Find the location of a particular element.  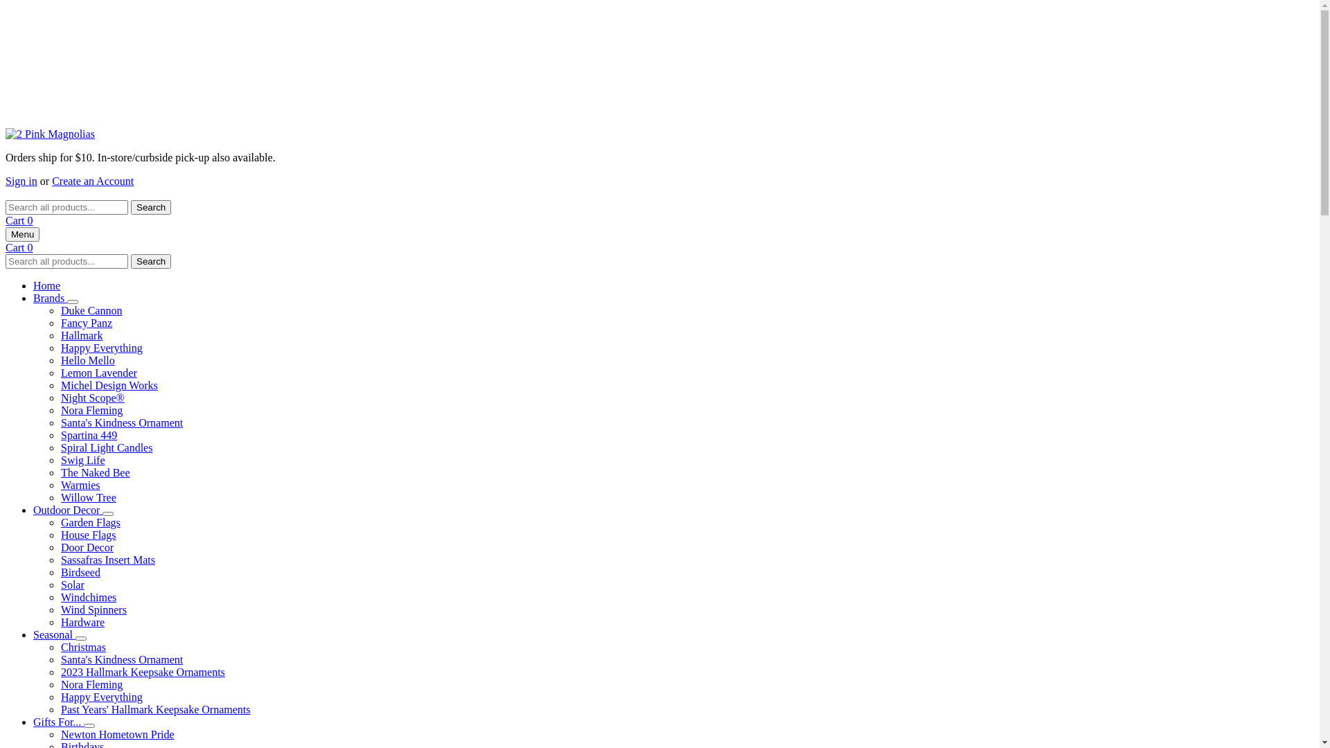

'Hello Mello' is located at coordinates (87, 359).